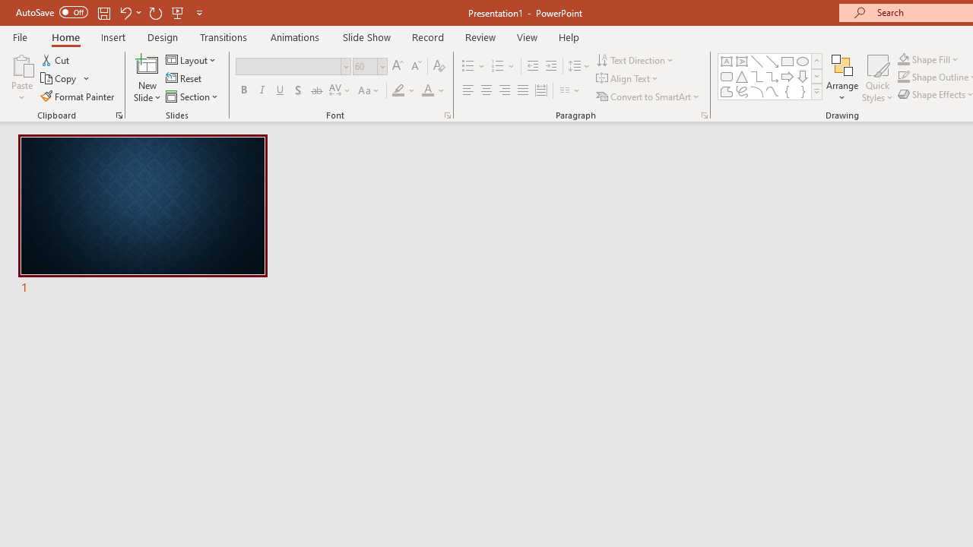 The image size is (973, 547). What do you see at coordinates (503, 65) in the screenshot?
I see `'Numbering'` at bounding box center [503, 65].